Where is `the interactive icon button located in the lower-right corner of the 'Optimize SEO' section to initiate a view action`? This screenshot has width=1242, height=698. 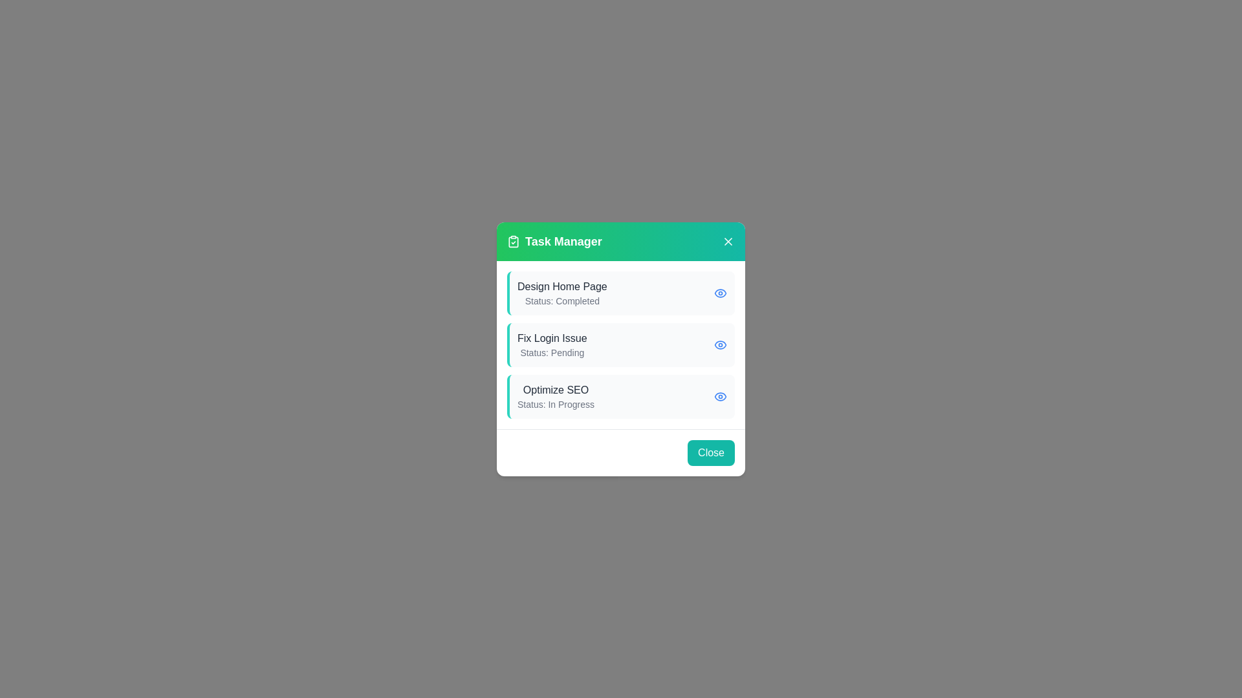
the interactive icon button located in the lower-right corner of the 'Optimize SEO' section to initiate a view action is located at coordinates (719, 396).